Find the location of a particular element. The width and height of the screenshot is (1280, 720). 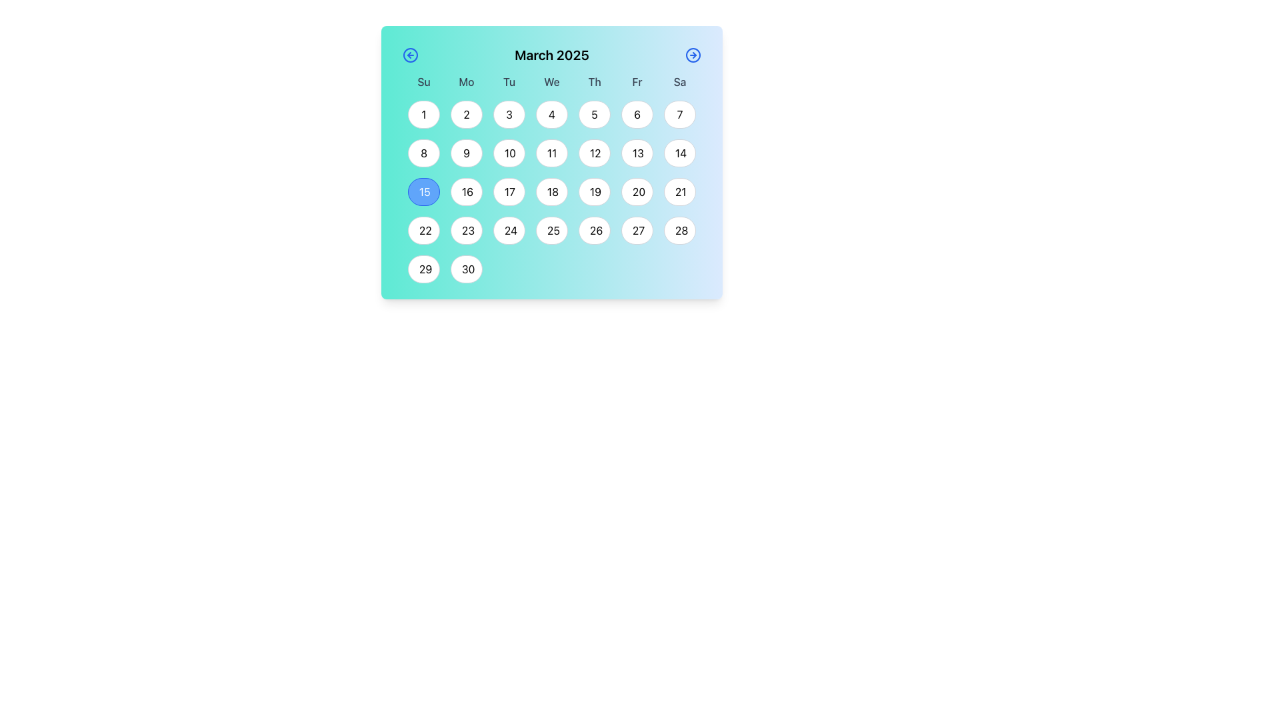

the date-selection button for the 13th day of the month located in the calendar widget under the 'Fr' column in the third row is located at coordinates (636, 153).